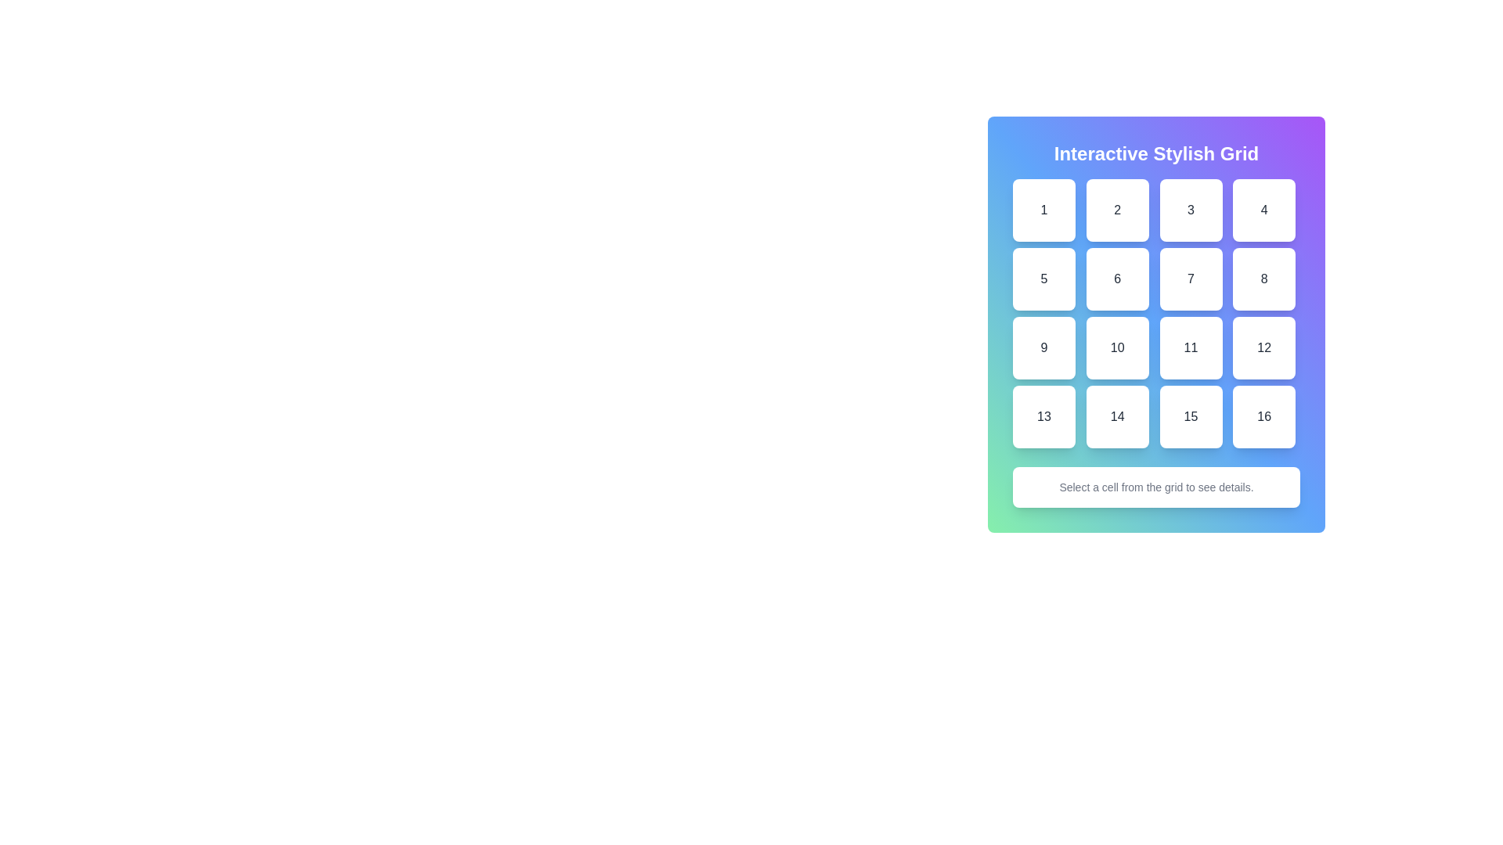  Describe the element at coordinates (1190, 347) in the screenshot. I see `the button representing the number 11 in the third row and third column of the interactive stylish grid` at that location.